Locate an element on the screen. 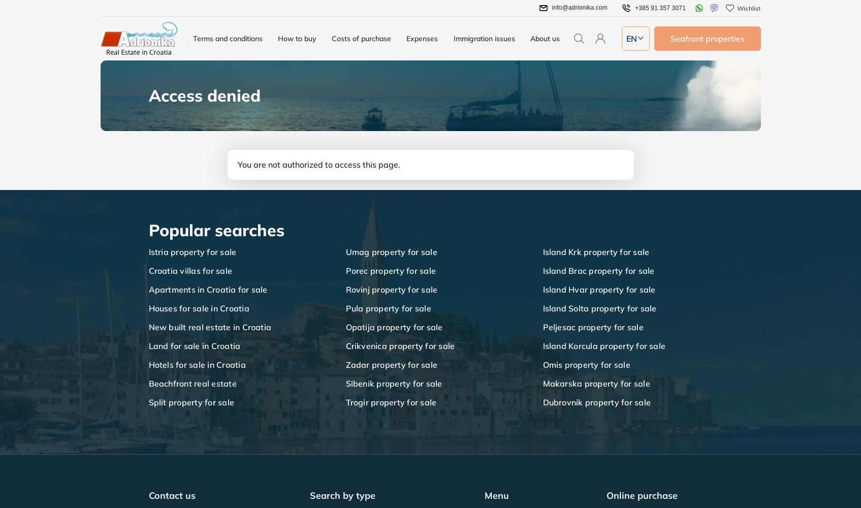 The image size is (861, 508). 'Sibenik property for sale' is located at coordinates (393, 384).